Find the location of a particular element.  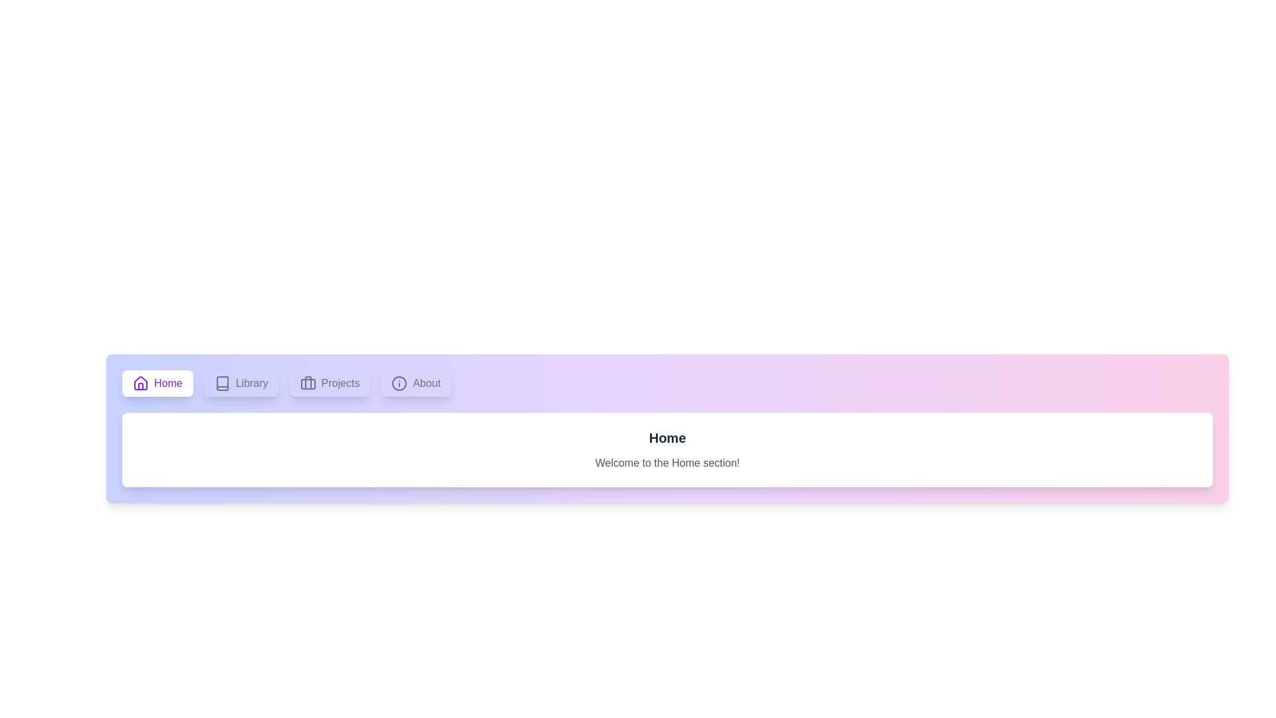

the tab labeled Projects is located at coordinates (329, 384).